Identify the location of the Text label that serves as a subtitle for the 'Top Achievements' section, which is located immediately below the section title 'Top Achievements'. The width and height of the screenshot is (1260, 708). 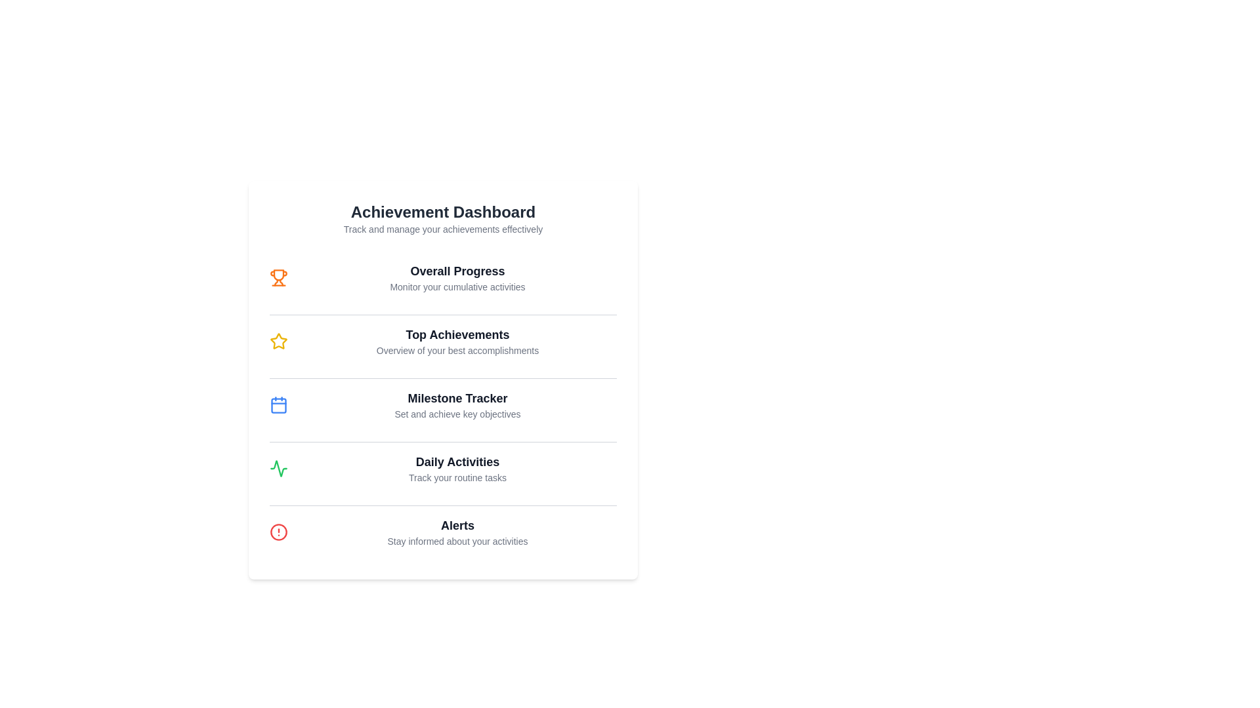
(457, 350).